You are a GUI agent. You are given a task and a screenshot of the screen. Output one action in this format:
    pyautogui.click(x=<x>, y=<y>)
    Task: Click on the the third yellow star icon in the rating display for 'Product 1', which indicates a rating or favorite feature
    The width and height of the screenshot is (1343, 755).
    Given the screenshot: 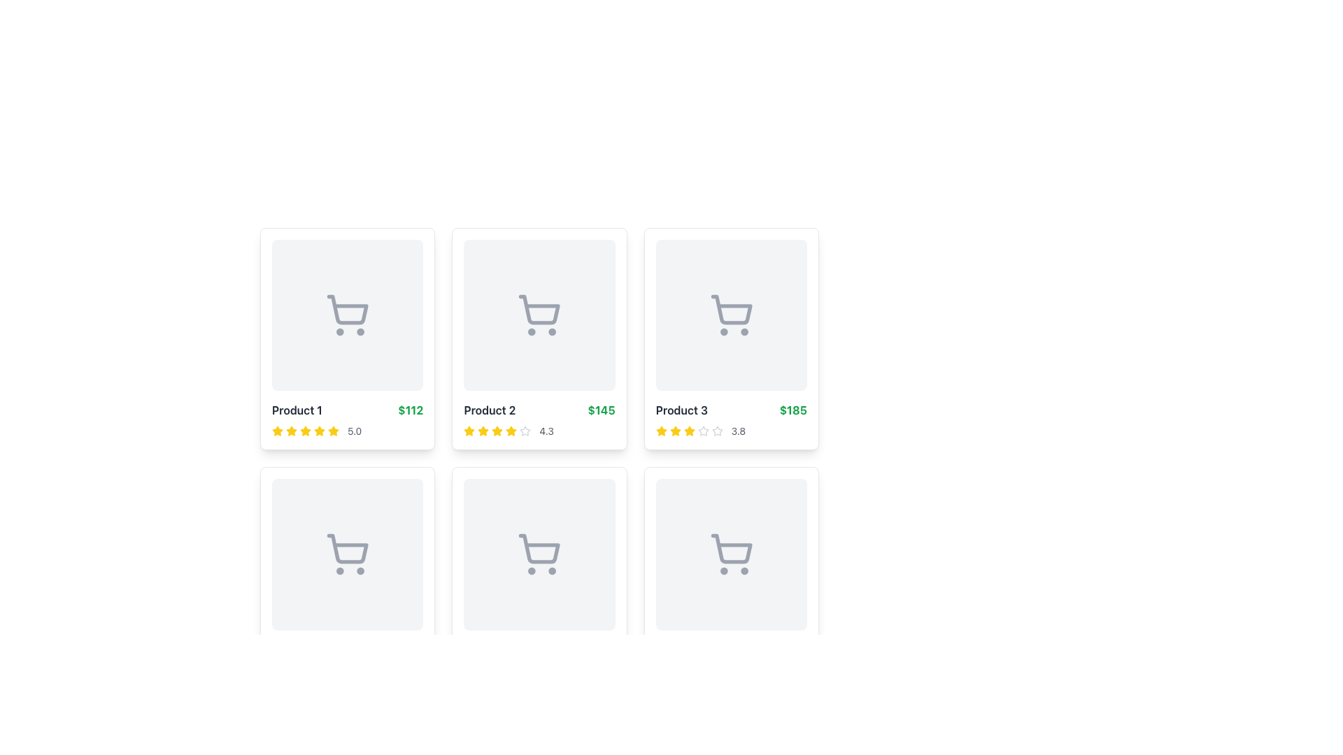 What is the action you would take?
    pyautogui.click(x=291, y=431)
    